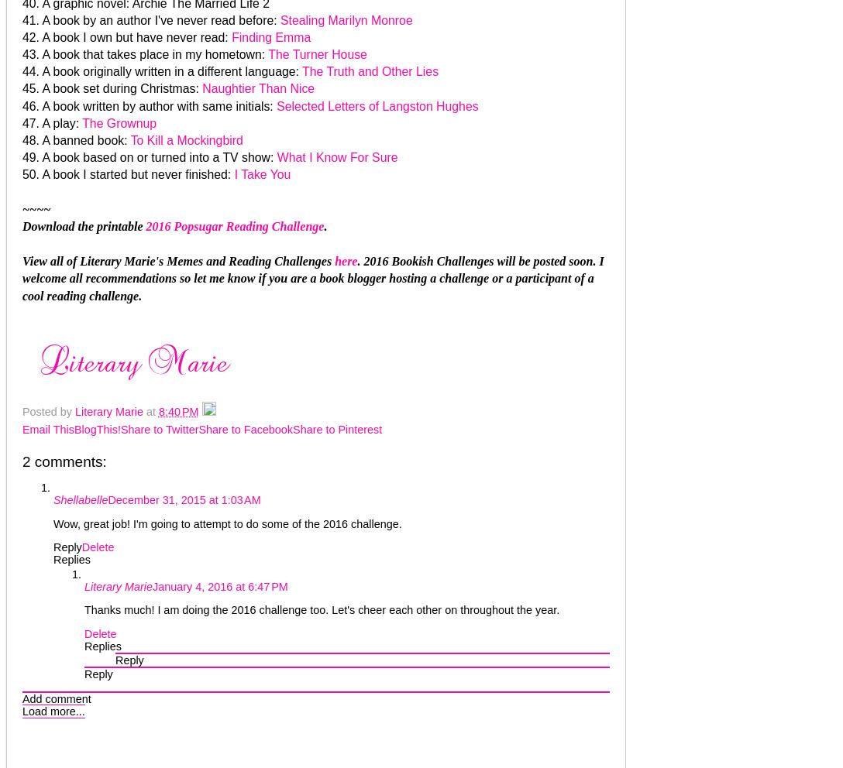 This screenshot has width=843, height=768. I want to click on 'Download the printable', so click(84, 226).